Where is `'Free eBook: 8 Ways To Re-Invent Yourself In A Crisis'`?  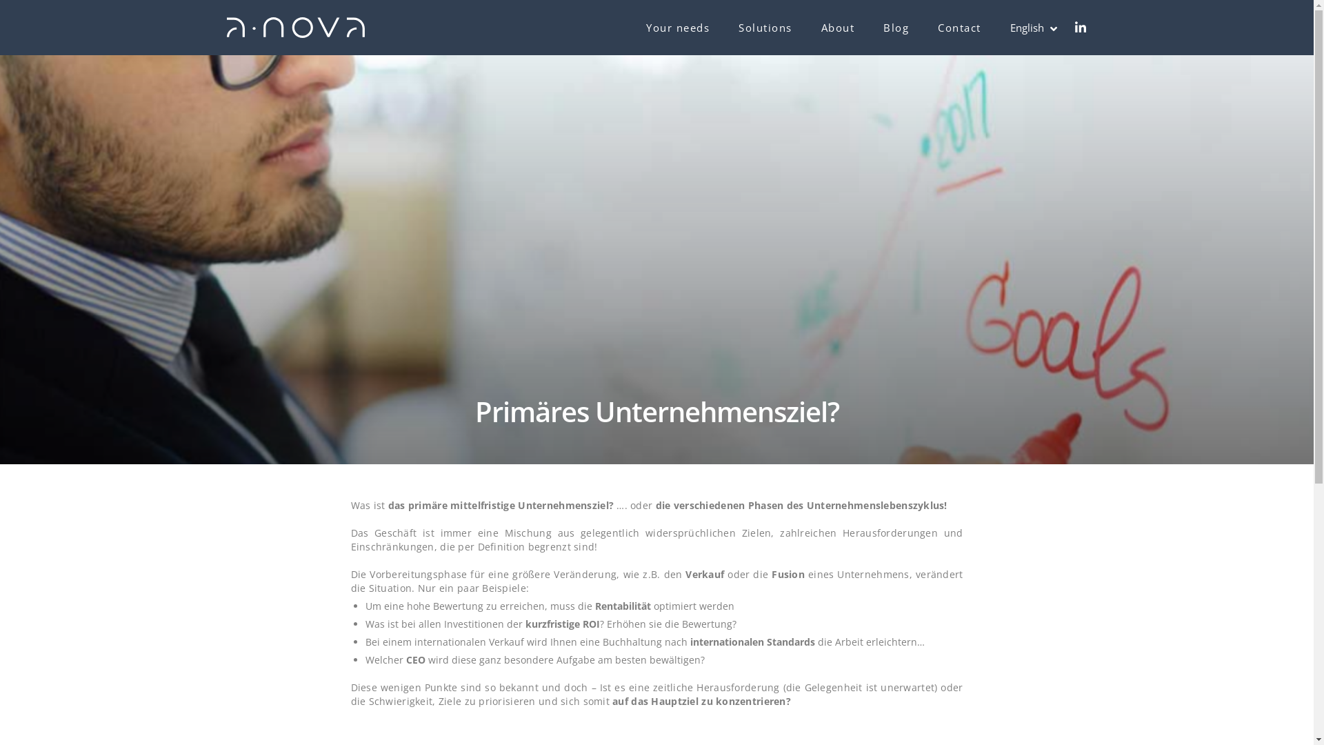 'Free eBook: 8 Ways To Re-Invent Yourself In A Crisis' is located at coordinates (668, 564).